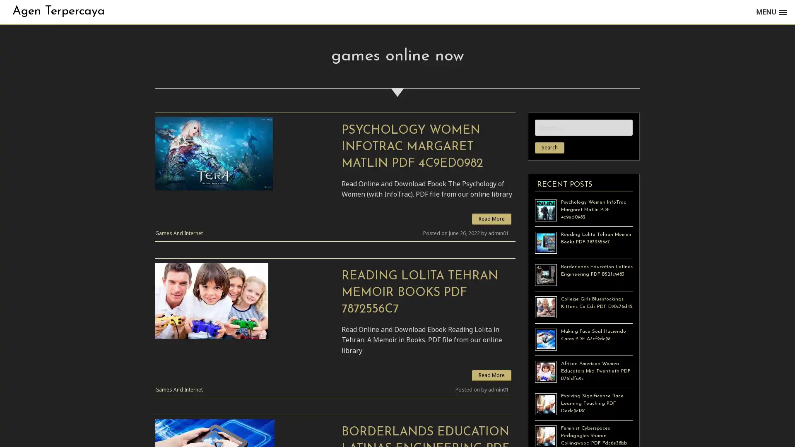  I want to click on Search, so click(549, 147).